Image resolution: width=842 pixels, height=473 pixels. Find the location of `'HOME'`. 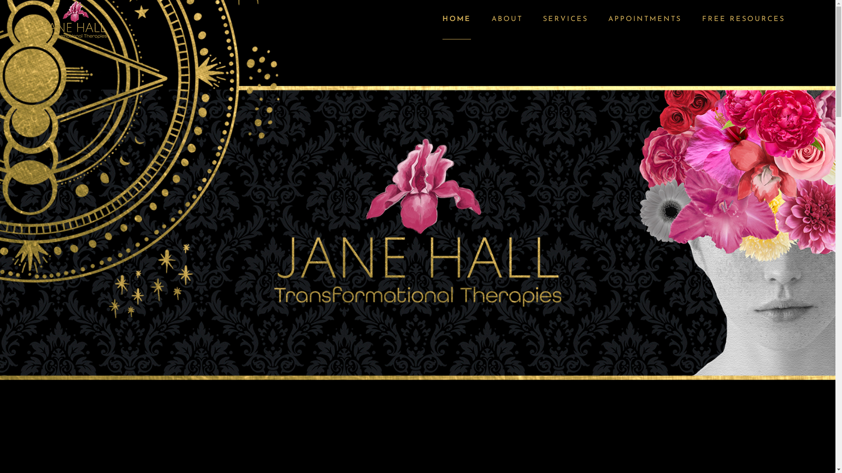

'HOME' is located at coordinates (456, 20).